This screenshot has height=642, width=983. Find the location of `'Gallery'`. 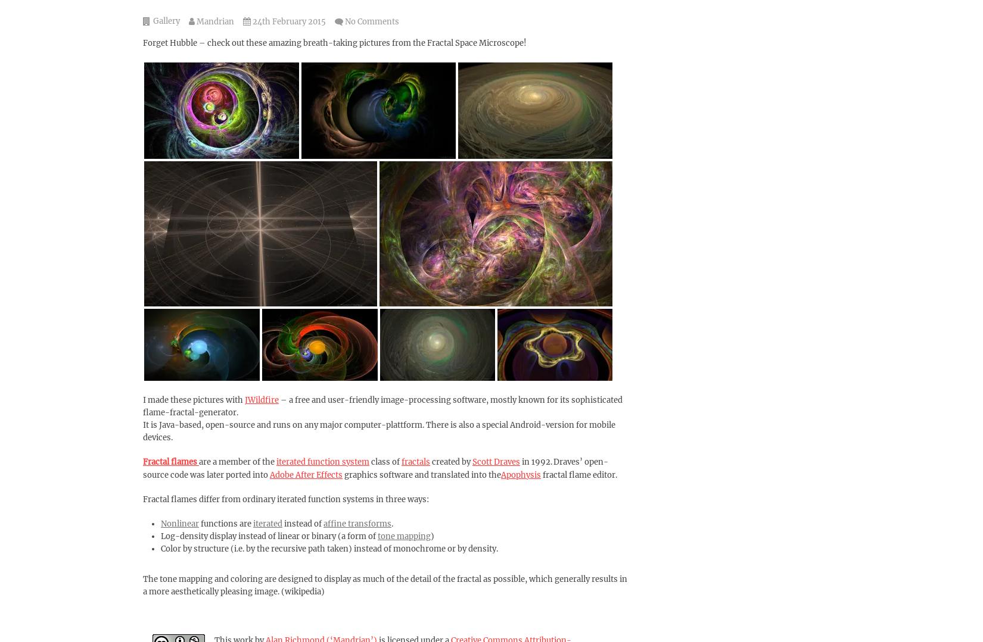

'Gallery' is located at coordinates (166, 21).